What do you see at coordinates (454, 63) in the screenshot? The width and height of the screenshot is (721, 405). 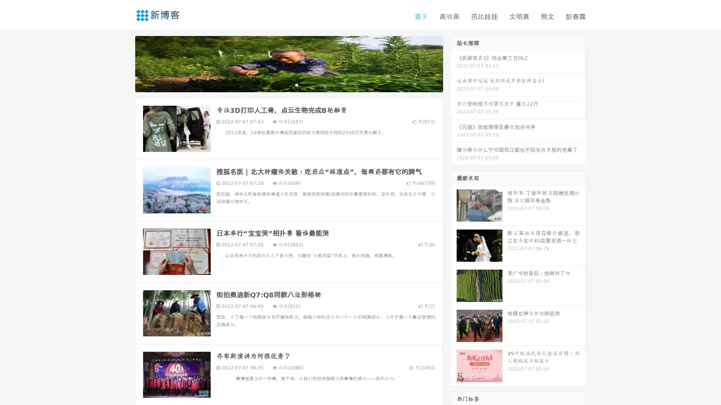 I see `Next slide` at bounding box center [454, 63].